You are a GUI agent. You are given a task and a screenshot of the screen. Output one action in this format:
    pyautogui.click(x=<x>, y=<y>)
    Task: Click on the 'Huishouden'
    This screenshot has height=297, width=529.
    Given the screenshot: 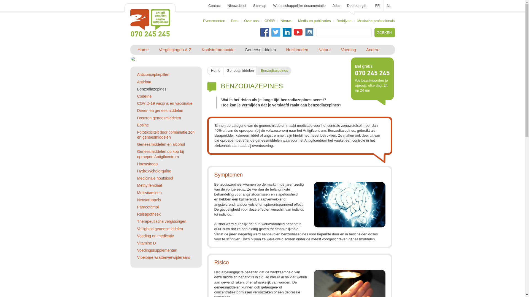 What is the action you would take?
    pyautogui.click(x=297, y=50)
    